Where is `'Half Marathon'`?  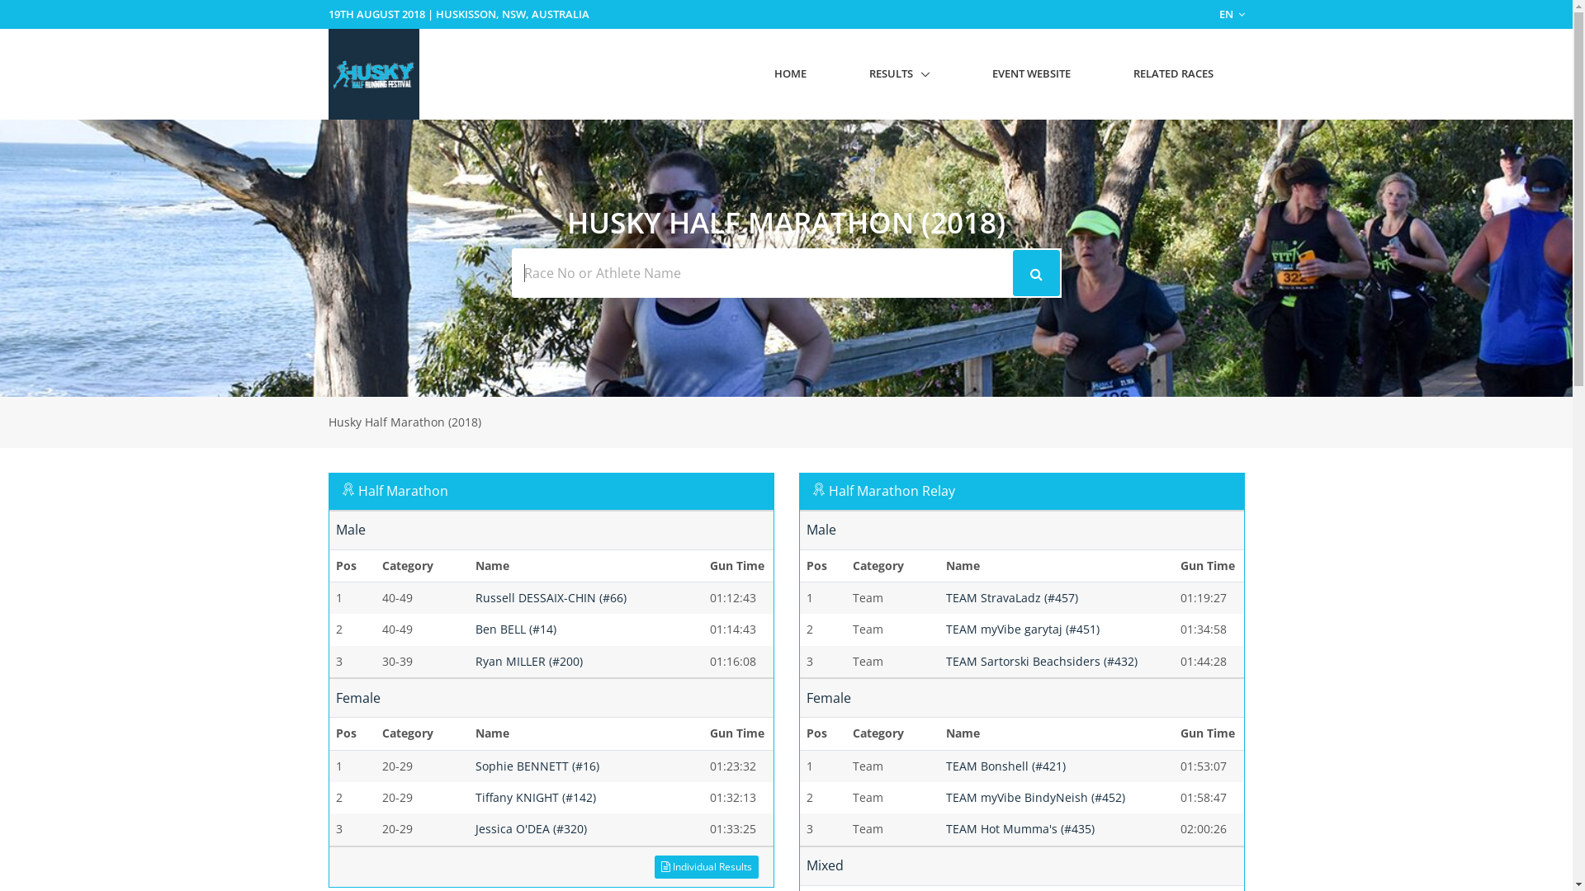
'Half Marathon' is located at coordinates (403, 489).